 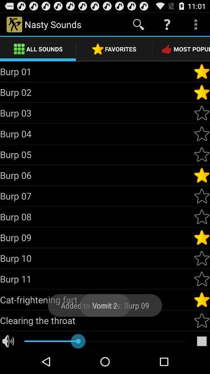 What do you see at coordinates (201, 217) in the screenshot?
I see `to favorites` at bounding box center [201, 217].